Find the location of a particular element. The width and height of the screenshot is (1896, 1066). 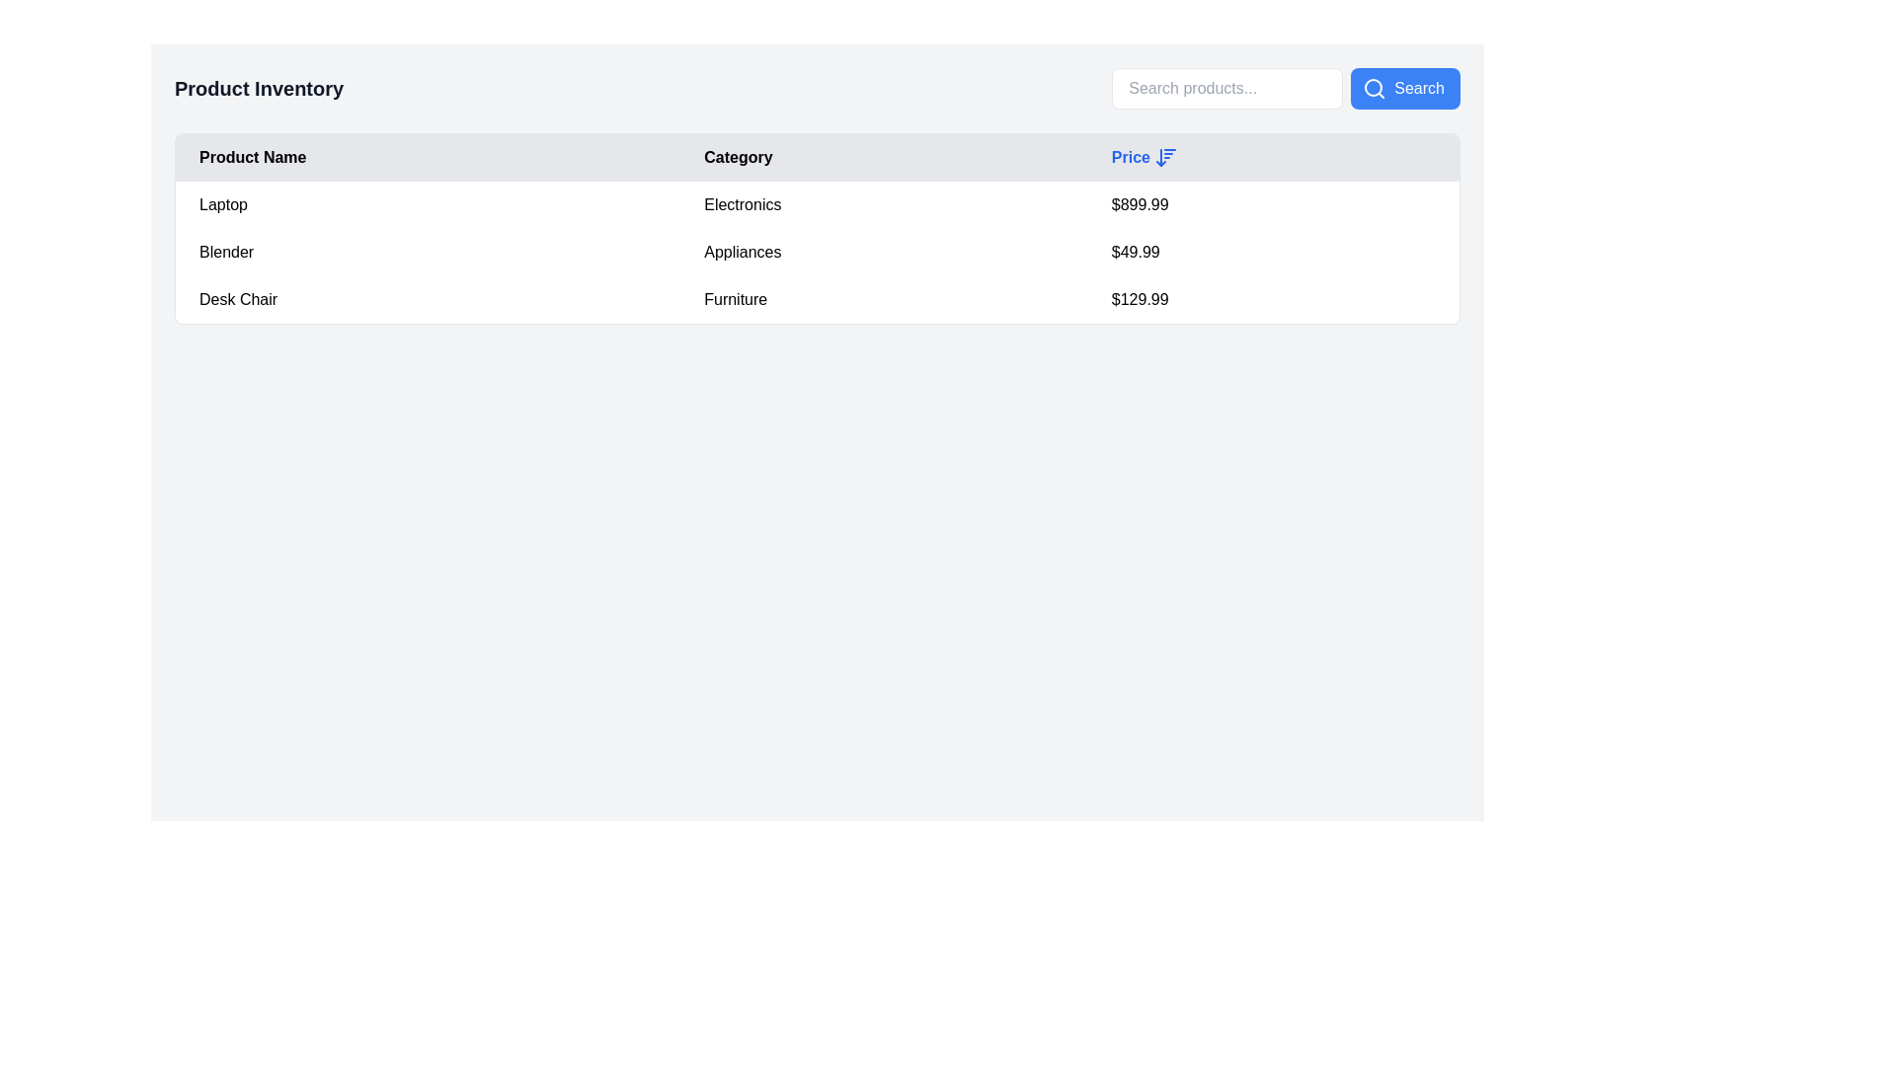

the bold header labeled 'Product Inventory' located in the top left corner of the main content area is located at coordinates (258, 87).